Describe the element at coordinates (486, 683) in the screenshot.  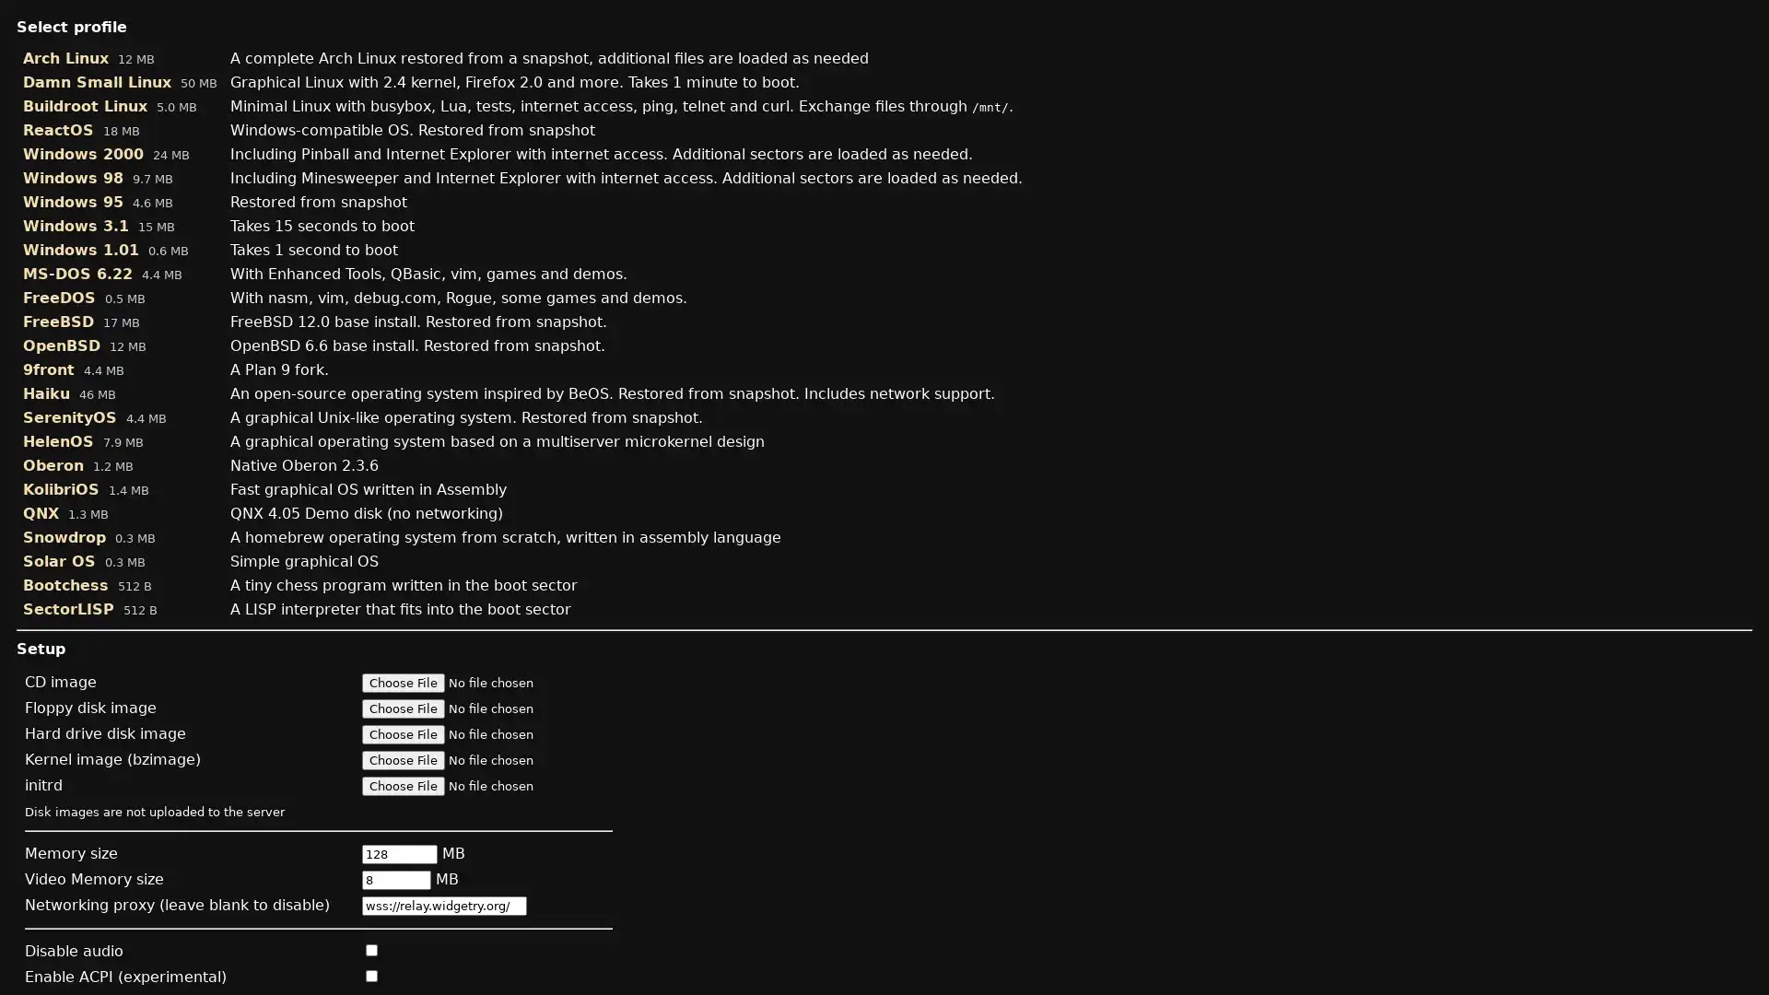
I see `CD image` at that location.